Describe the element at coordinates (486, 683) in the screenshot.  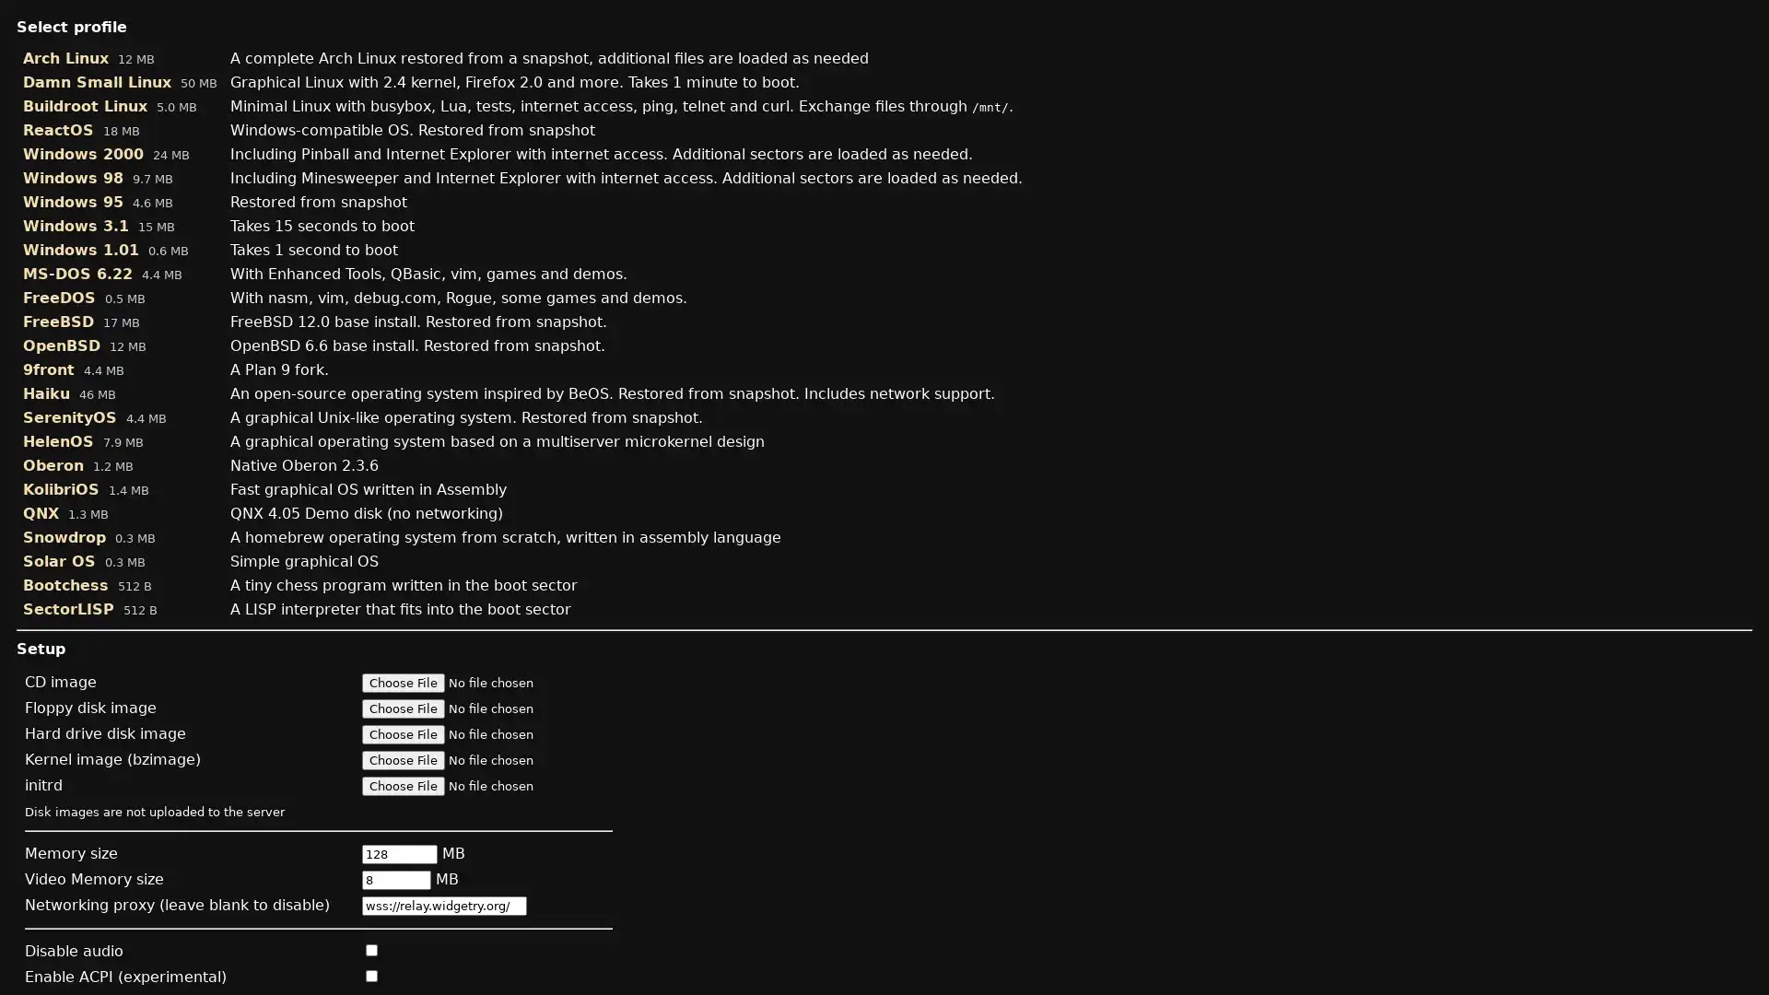
I see `CD image` at that location.